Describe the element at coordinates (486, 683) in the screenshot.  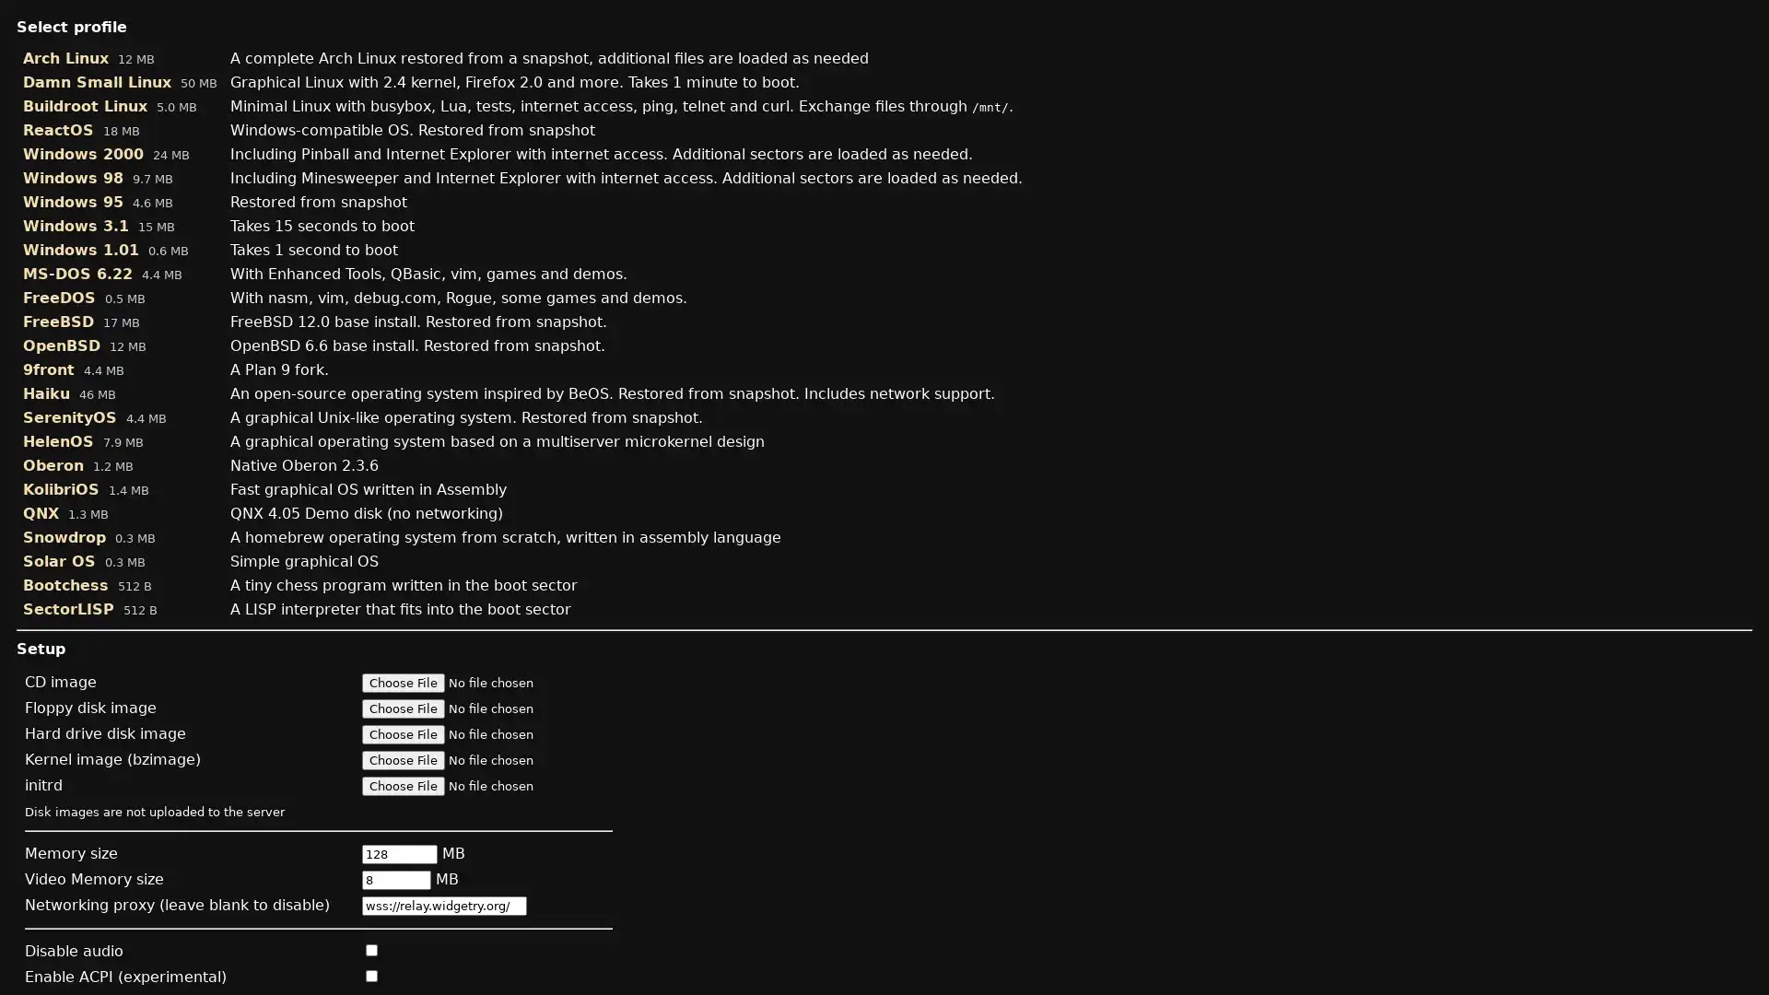
I see `CD image` at that location.